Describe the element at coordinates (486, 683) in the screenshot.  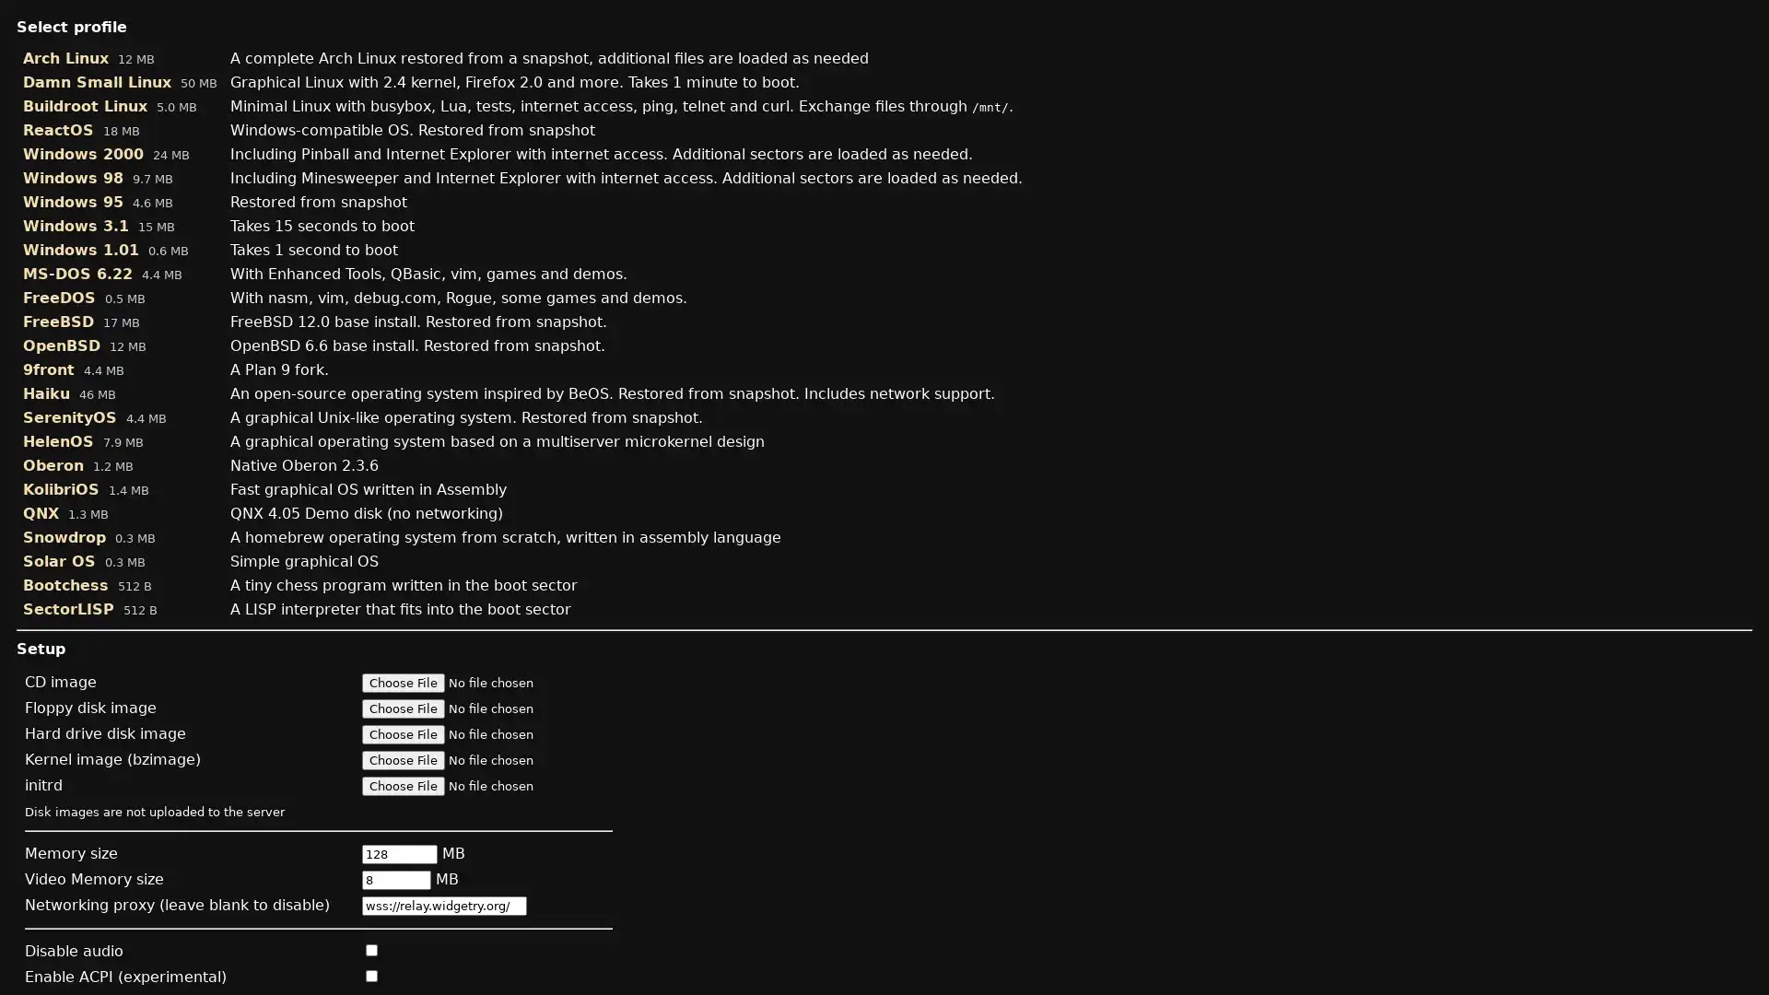
I see `CD image` at that location.